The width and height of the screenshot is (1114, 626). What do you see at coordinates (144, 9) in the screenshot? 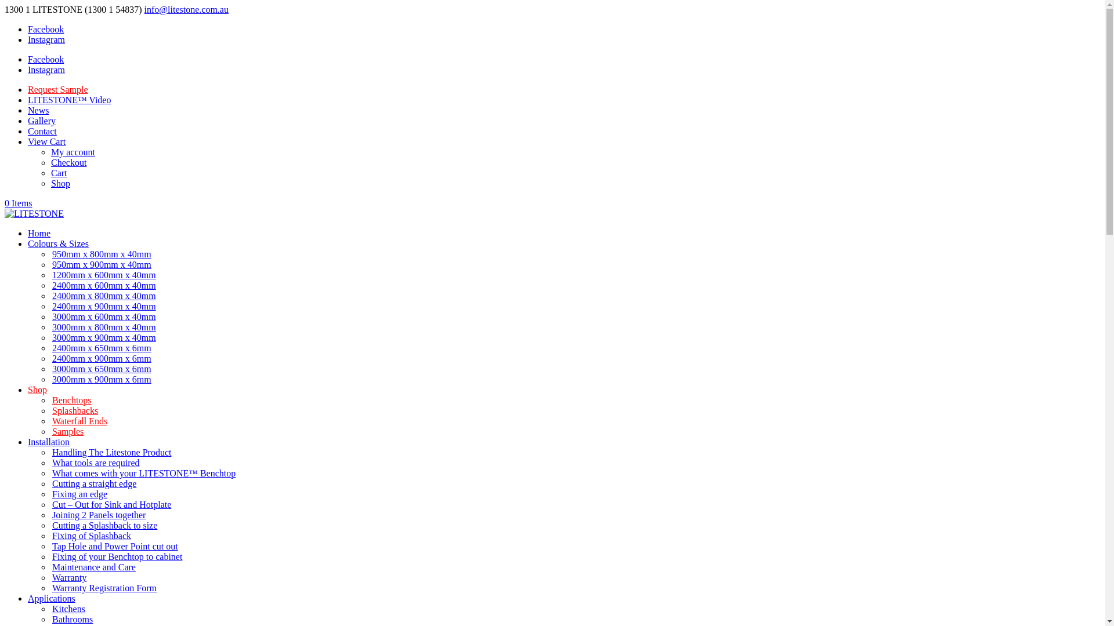
I see `'info@litestone.com.au'` at bounding box center [144, 9].